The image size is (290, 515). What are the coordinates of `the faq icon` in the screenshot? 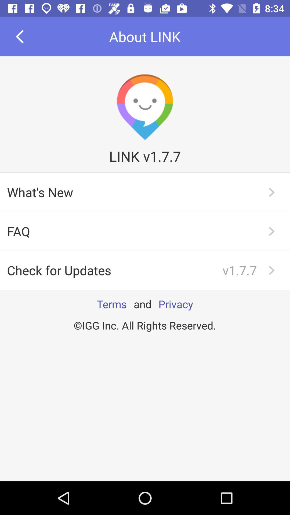 It's located at (145, 231).